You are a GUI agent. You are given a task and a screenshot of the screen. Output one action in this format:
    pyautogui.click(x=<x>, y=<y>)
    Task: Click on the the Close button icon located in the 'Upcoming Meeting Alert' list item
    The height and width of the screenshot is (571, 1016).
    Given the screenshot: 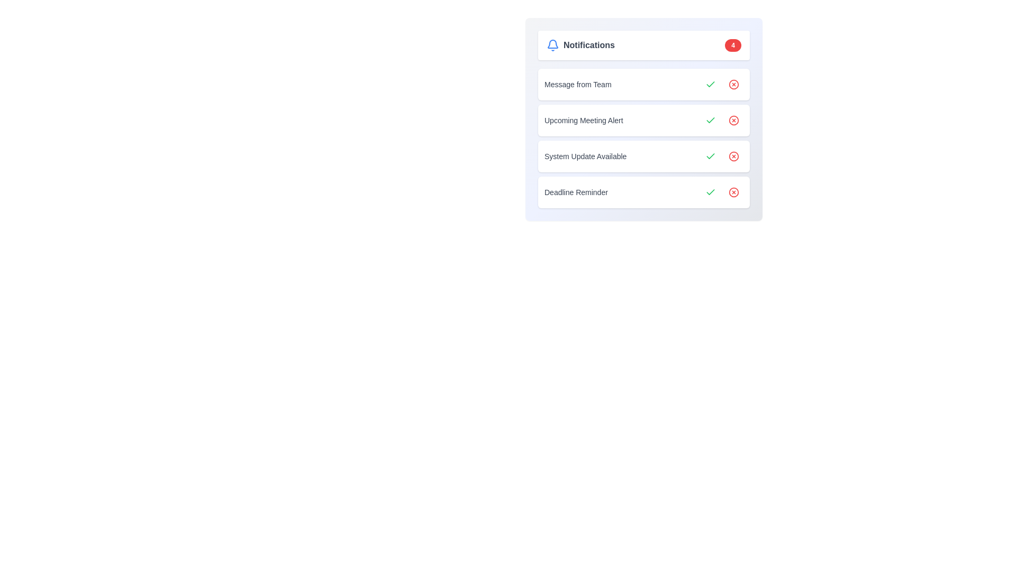 What is the action you would take?
    pyautogui.click(x=733, y=119)
    